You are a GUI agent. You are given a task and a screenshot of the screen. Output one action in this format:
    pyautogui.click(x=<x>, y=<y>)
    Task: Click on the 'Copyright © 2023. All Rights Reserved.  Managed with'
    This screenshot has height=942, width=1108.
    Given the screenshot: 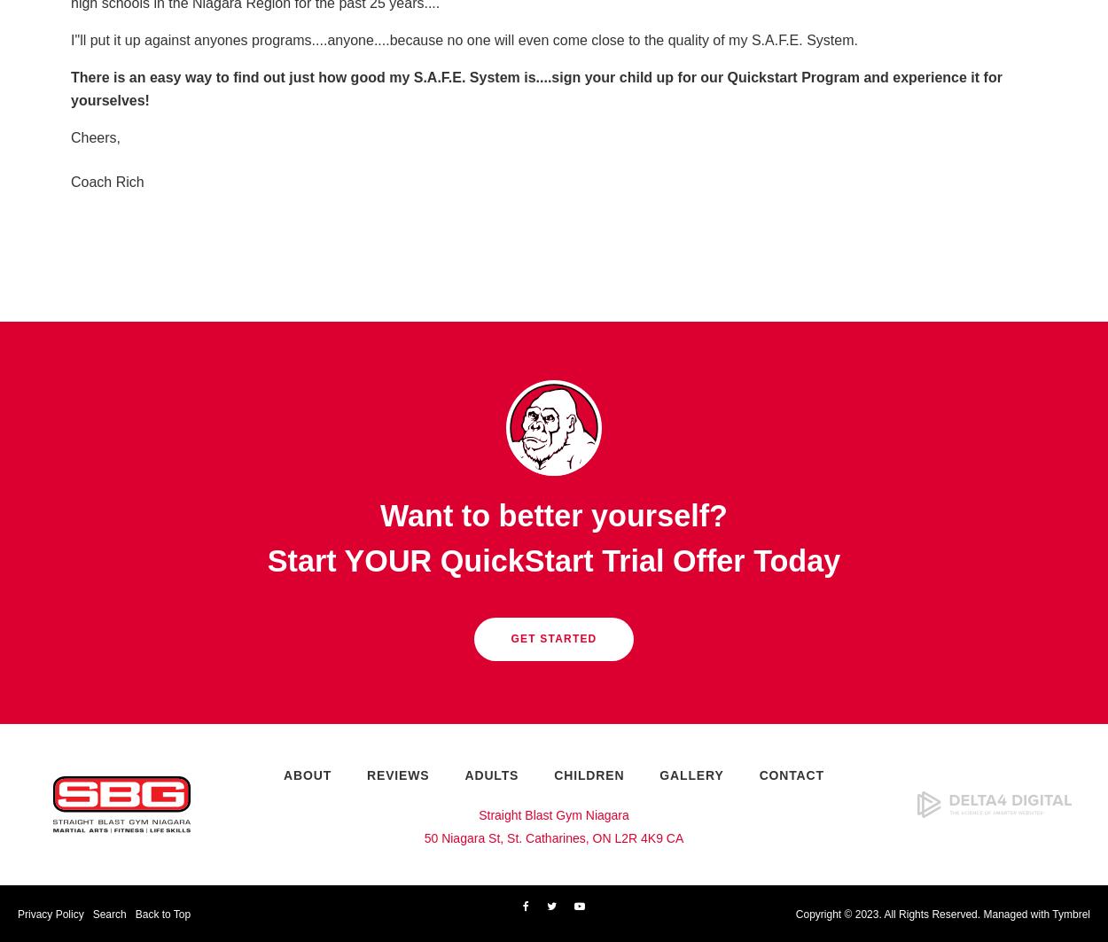 What is the action you would take?
    pyautogui.click(x=924, y=913)
    